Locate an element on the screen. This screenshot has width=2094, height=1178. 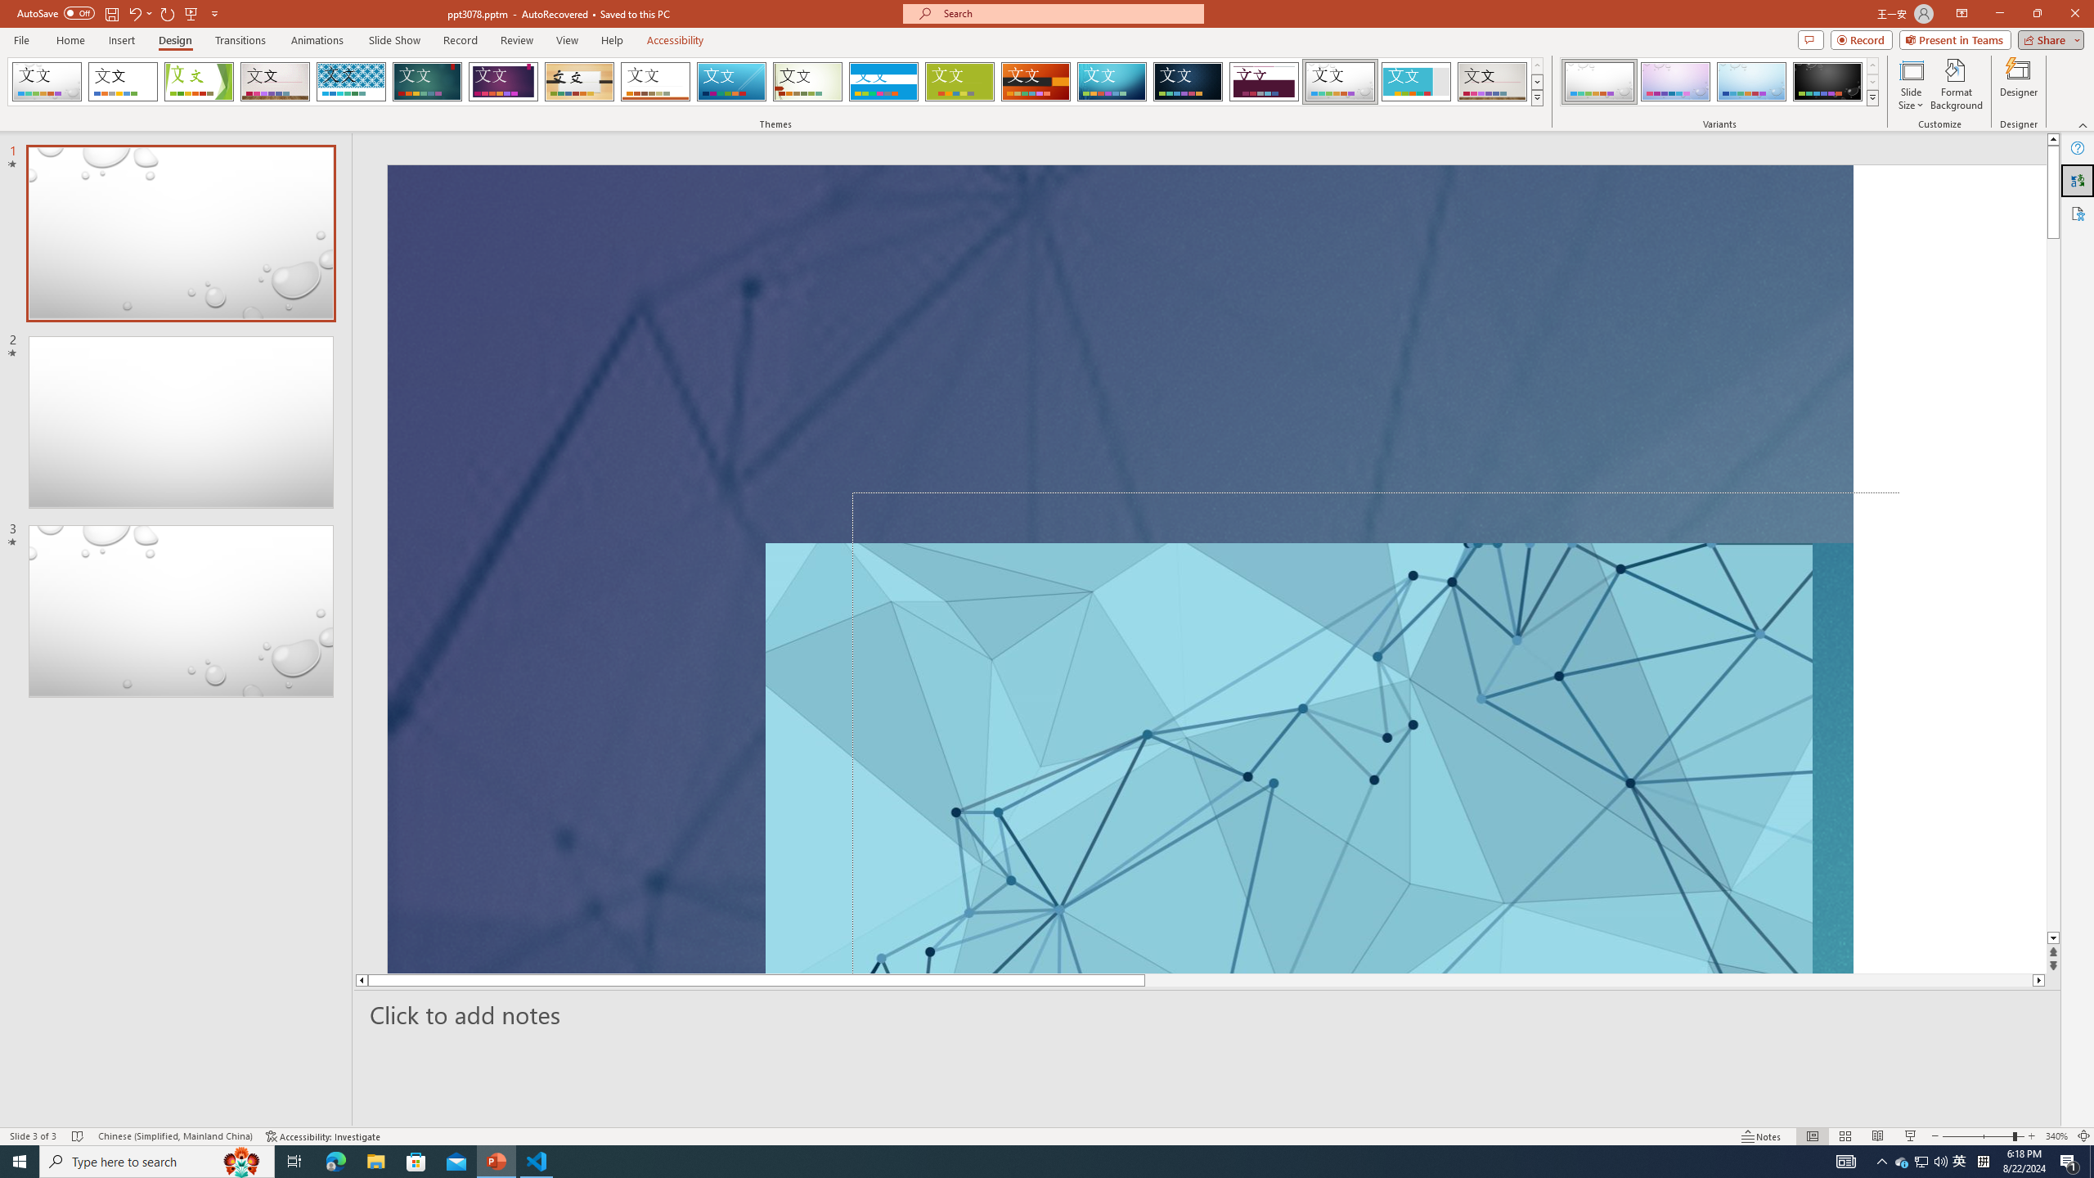
'Integral' is located at coordinates (351, 81).